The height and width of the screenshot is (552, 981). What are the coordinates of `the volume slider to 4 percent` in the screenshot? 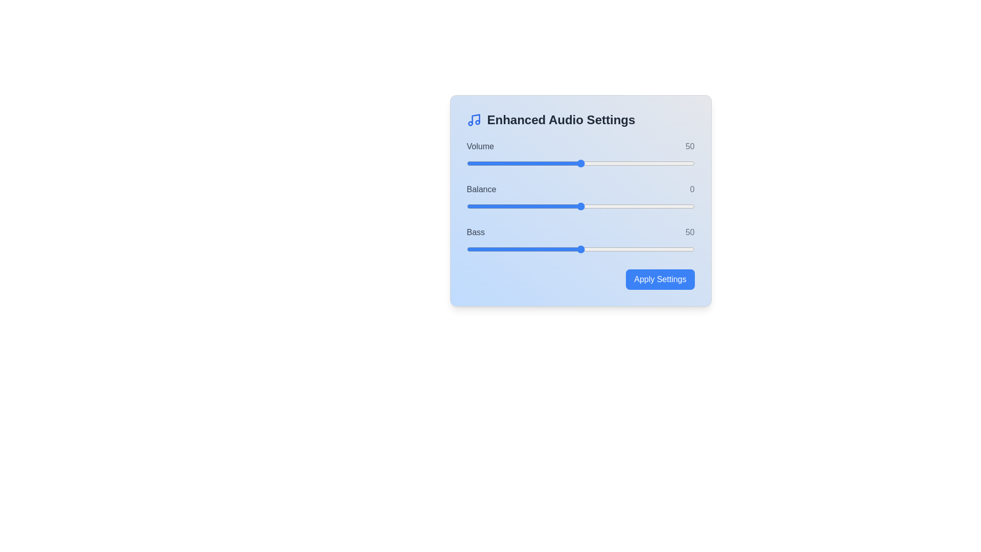 It's located at (475, 163).